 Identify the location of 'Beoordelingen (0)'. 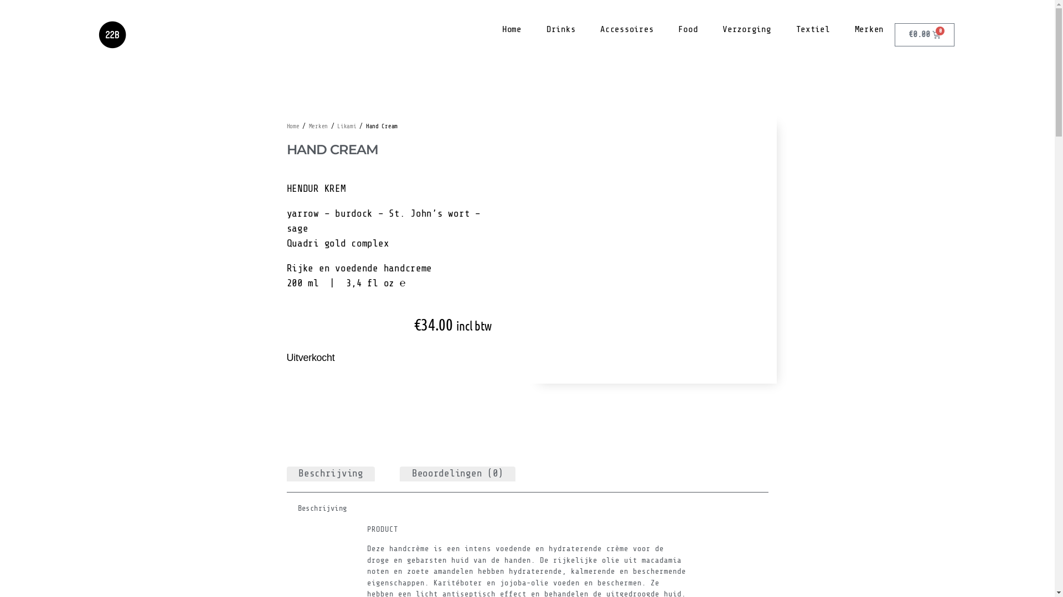
(457, 473).